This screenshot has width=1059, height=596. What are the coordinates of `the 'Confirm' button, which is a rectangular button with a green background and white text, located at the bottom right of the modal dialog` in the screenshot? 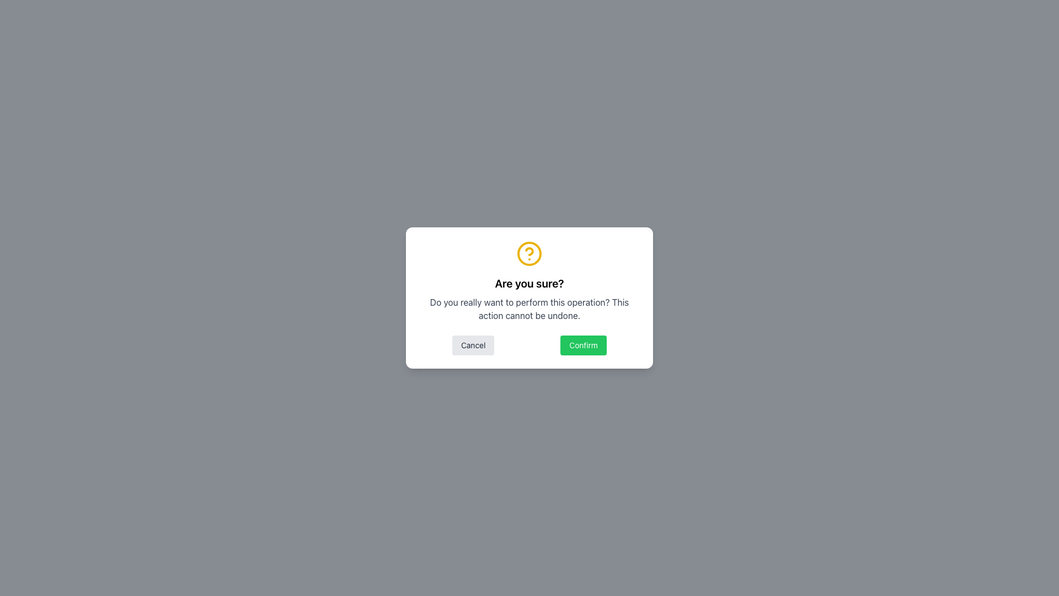 It's located at (582, 344).